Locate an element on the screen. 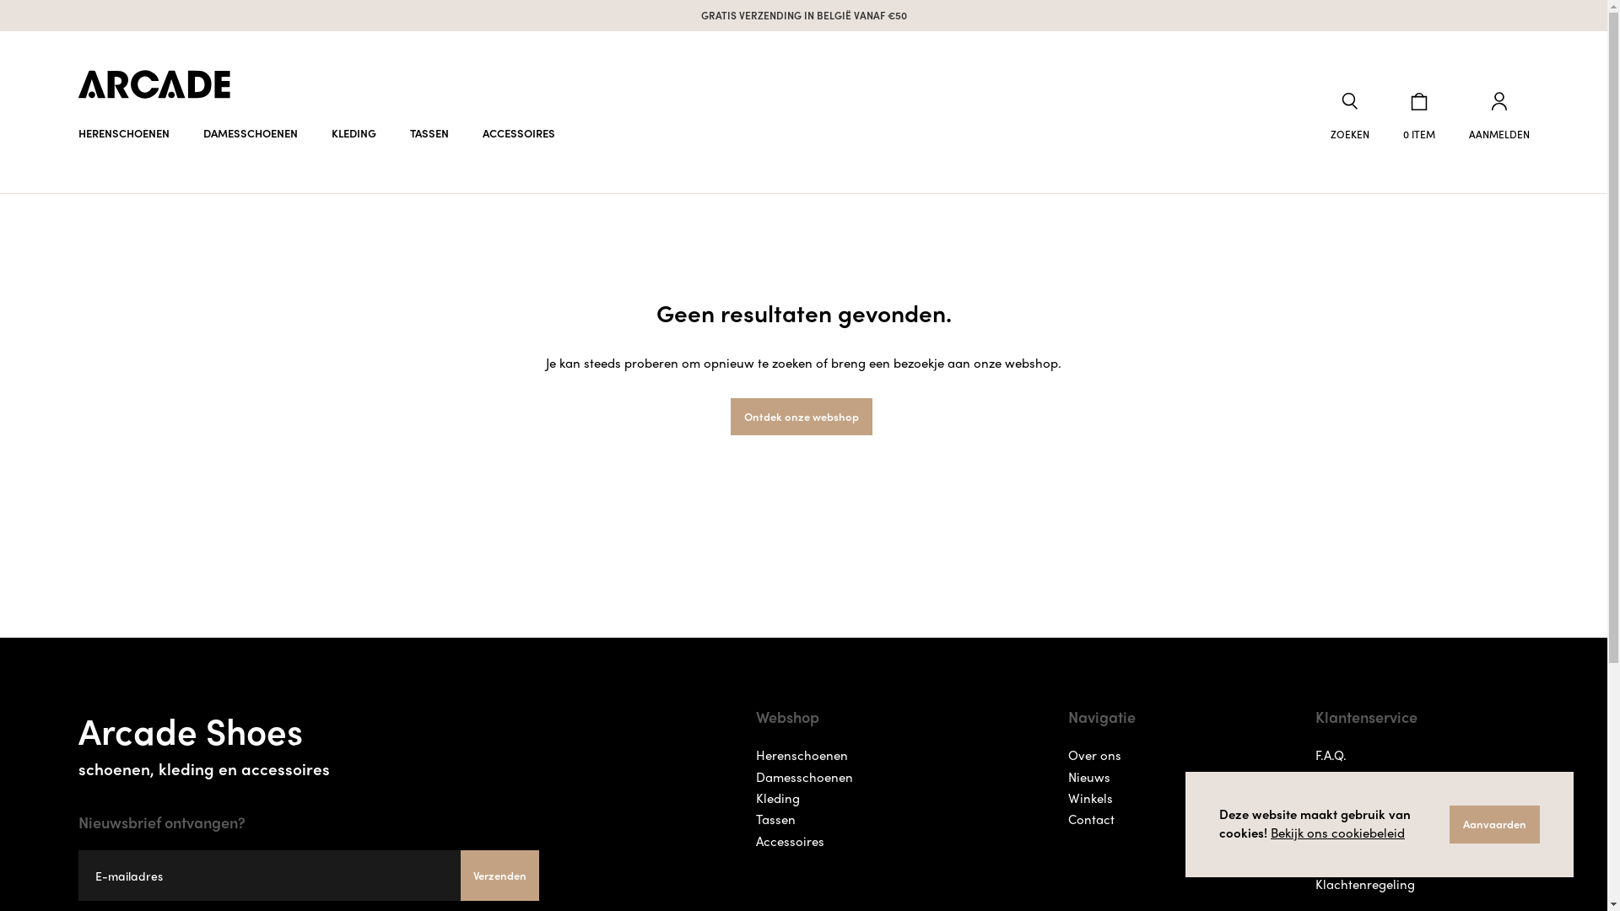  'AANMELDEN' is located at coordinates (1498, 116).